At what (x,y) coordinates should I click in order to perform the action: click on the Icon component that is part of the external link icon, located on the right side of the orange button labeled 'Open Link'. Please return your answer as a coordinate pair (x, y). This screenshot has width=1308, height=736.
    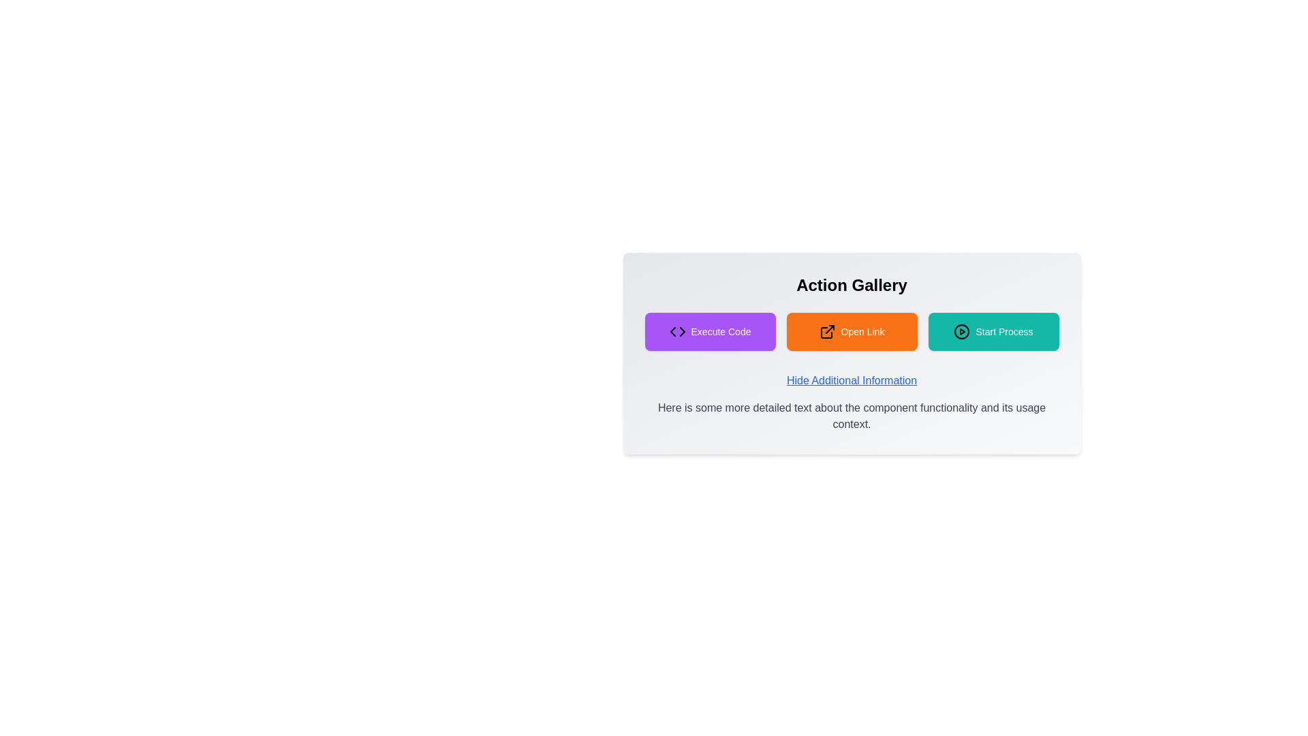
    Looking at the image, I should click on (826, 333).